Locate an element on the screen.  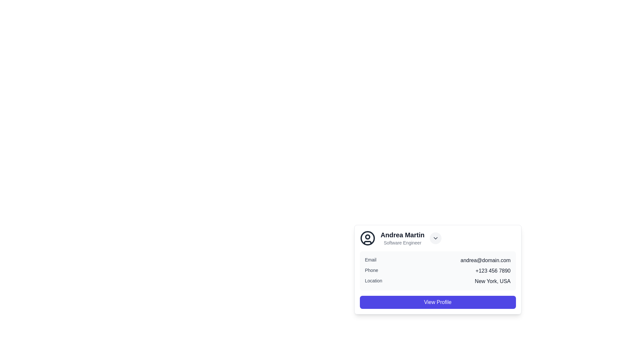
the dropdown toggle button is located at coordinates (436, 238).